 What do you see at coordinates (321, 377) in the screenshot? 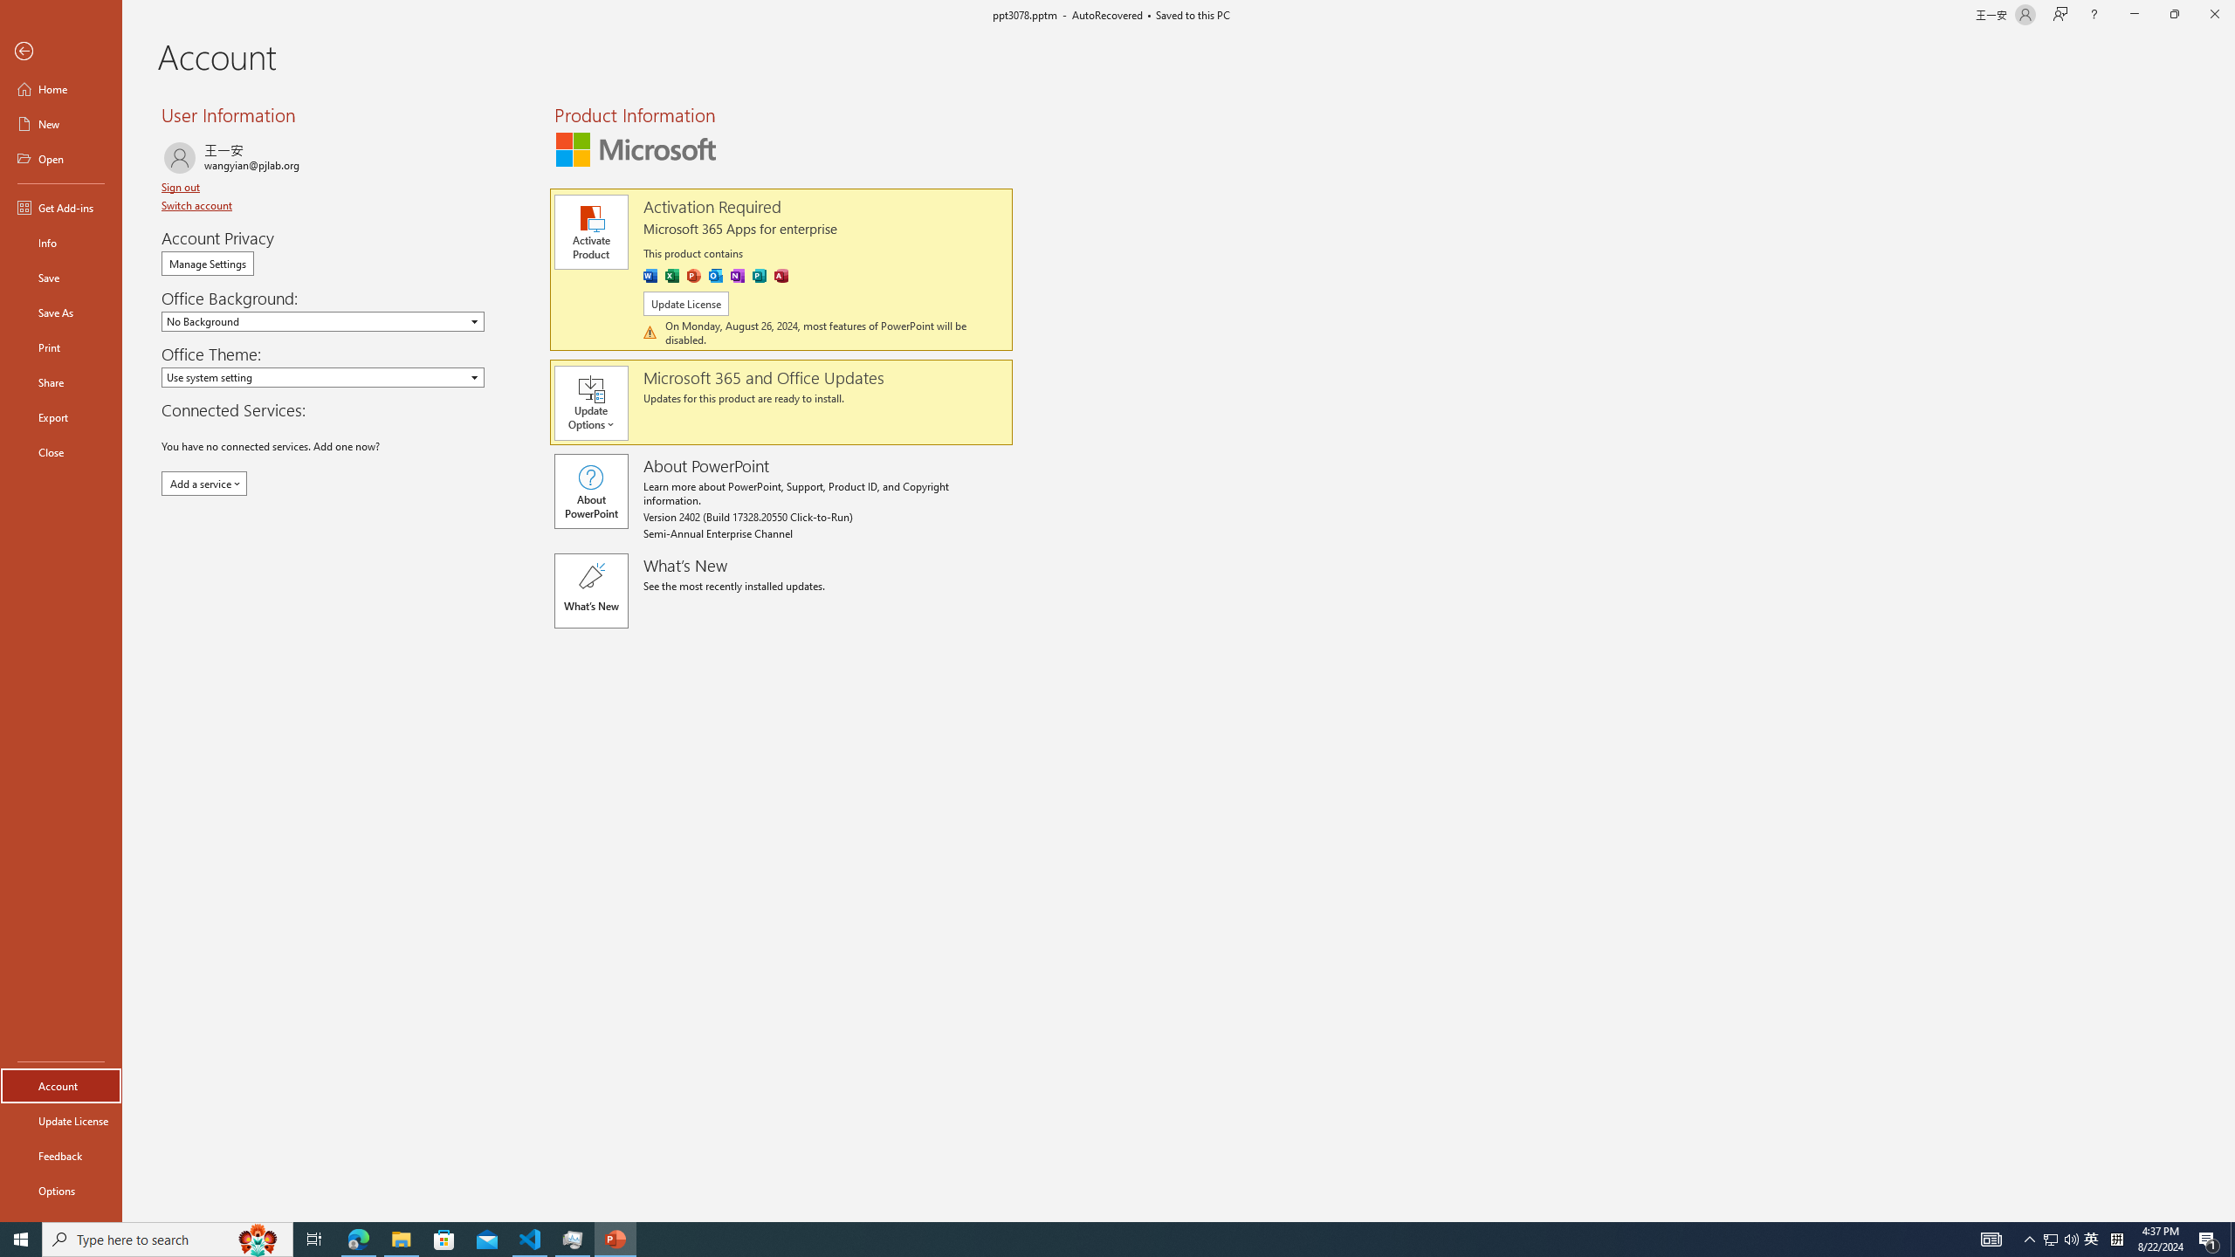
I see `'Office Theme'` at bounding box center [321, 377].